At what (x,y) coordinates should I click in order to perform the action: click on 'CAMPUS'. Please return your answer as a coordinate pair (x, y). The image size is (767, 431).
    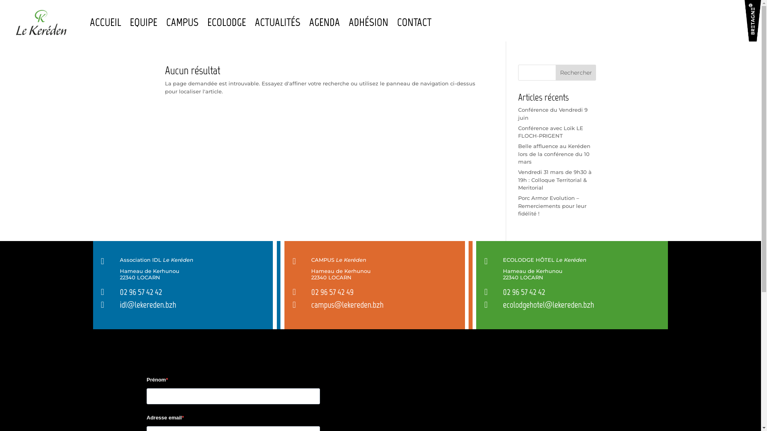
    Looking at the image, I should click on (182, 22).